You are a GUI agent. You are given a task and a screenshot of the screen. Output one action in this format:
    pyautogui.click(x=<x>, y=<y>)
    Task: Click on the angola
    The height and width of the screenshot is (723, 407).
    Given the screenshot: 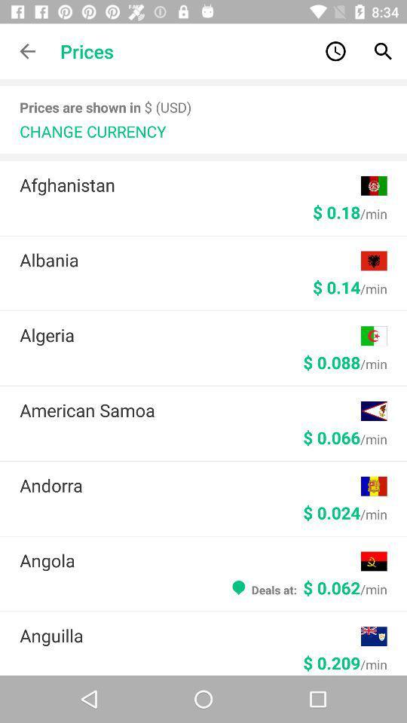 What is the action you would take?
    pyautogui.click(x=190, y=560)
    